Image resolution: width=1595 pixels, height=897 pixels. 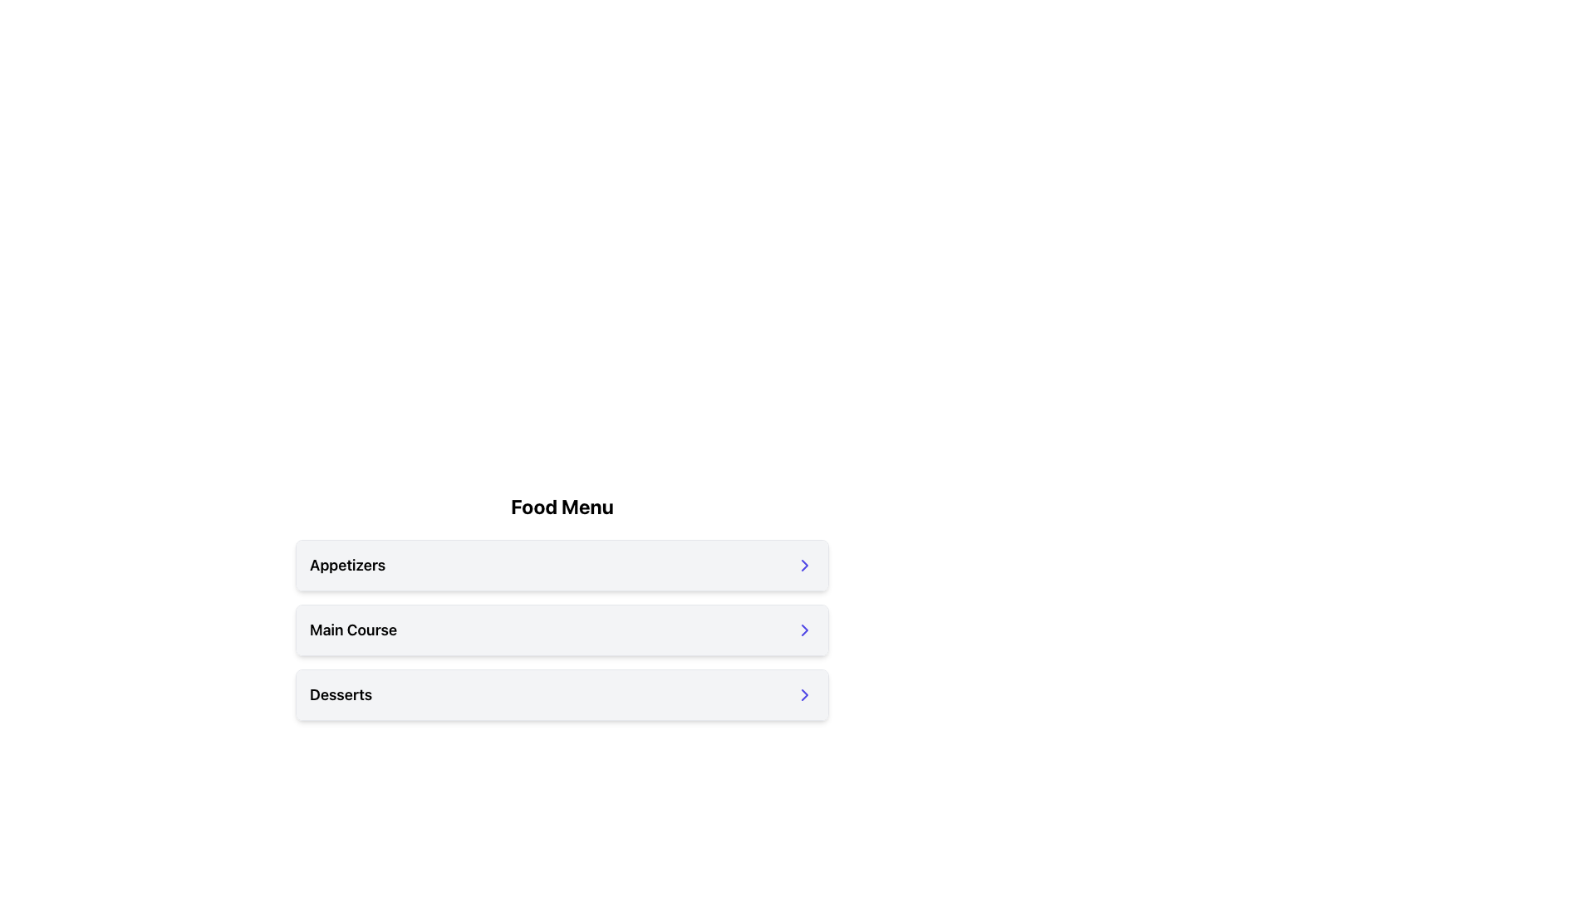 I want to click on the arrow icon indicating that the 'Desserts' option can be expanded for more details, located at the bottom right of the food menu categories, so click(x=805, y=695).